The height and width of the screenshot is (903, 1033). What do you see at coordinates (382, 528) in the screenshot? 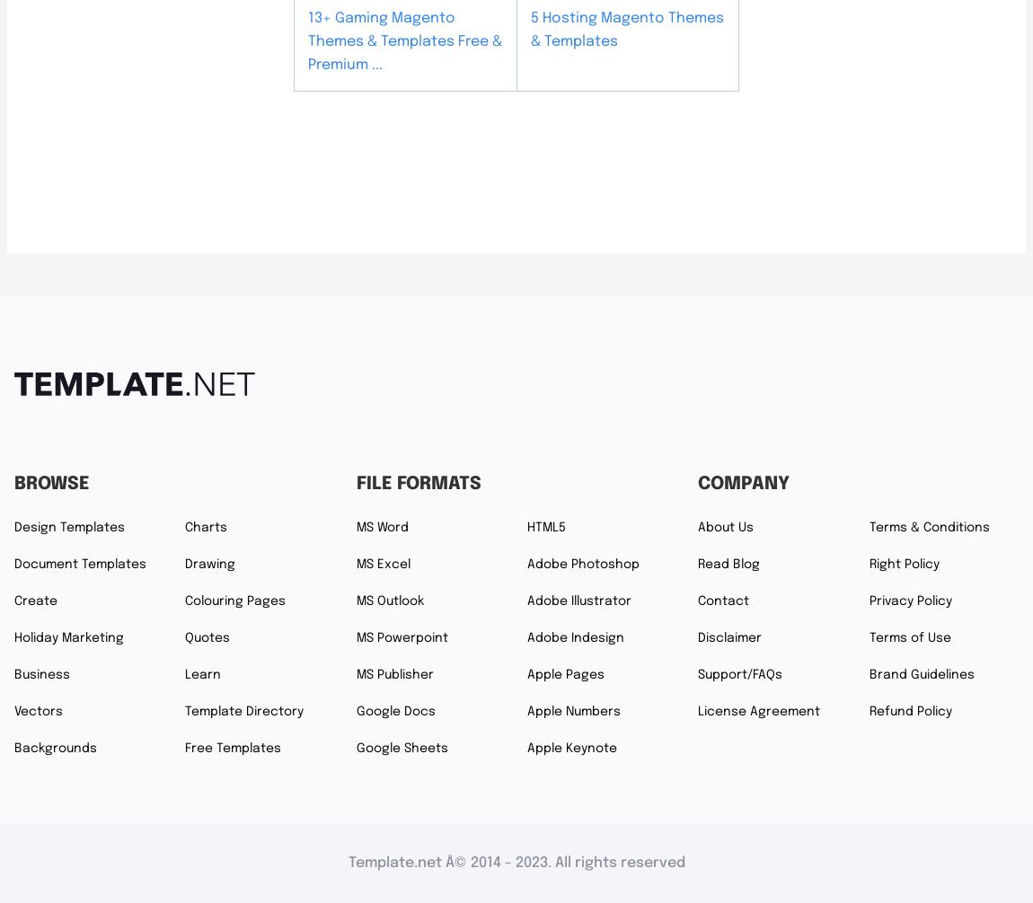
I see `'MS Word'` at bounding box center [382, 528].